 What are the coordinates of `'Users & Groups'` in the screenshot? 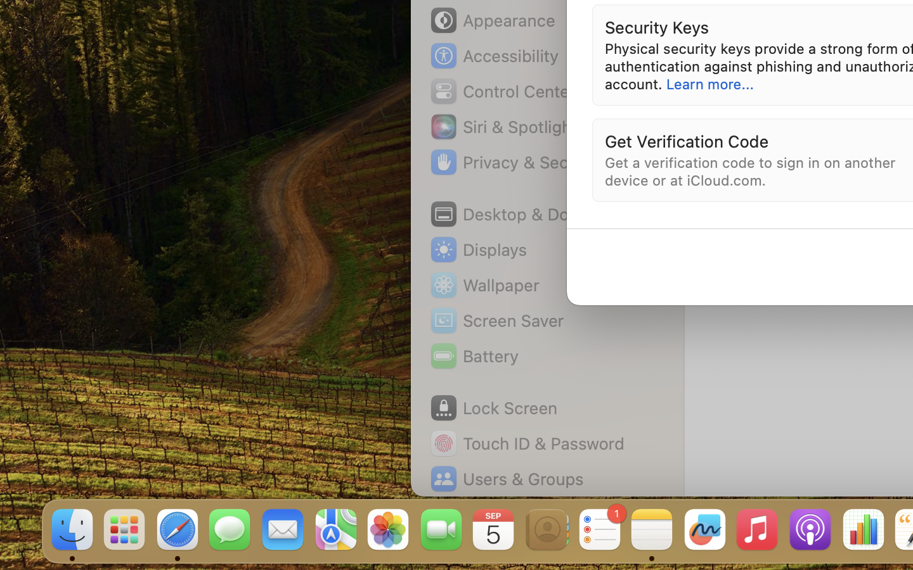 It's located at (506, 478).